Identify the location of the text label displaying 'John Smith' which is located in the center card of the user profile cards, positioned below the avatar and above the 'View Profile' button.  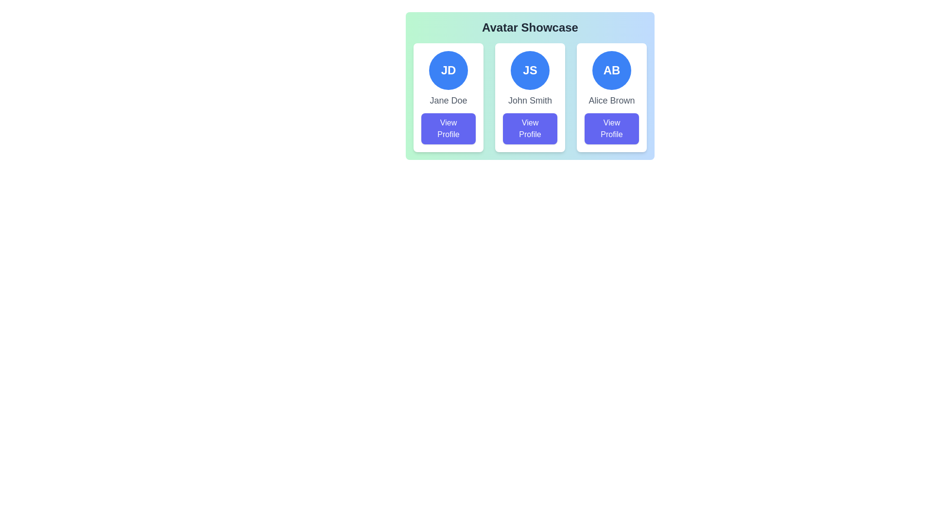
(529, 101).